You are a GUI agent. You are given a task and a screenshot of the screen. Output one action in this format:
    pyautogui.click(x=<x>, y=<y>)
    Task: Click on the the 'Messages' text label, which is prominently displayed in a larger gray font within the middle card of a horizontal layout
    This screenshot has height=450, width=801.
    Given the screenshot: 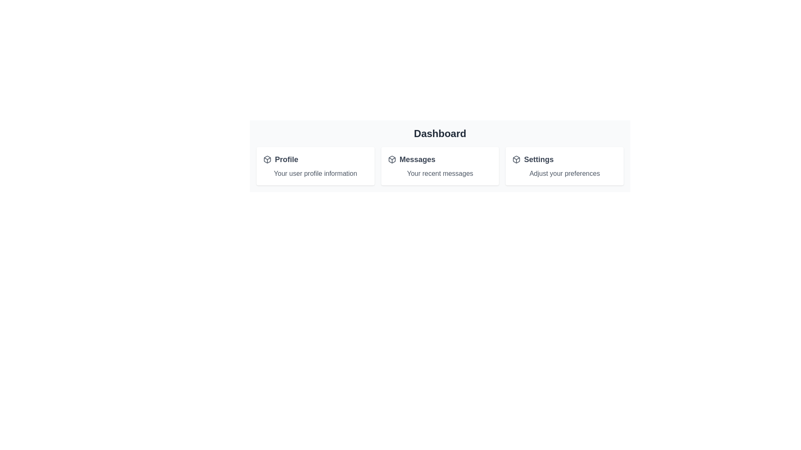 What is the action you would take?
    pyautogui.click(x=417, y=159)
    